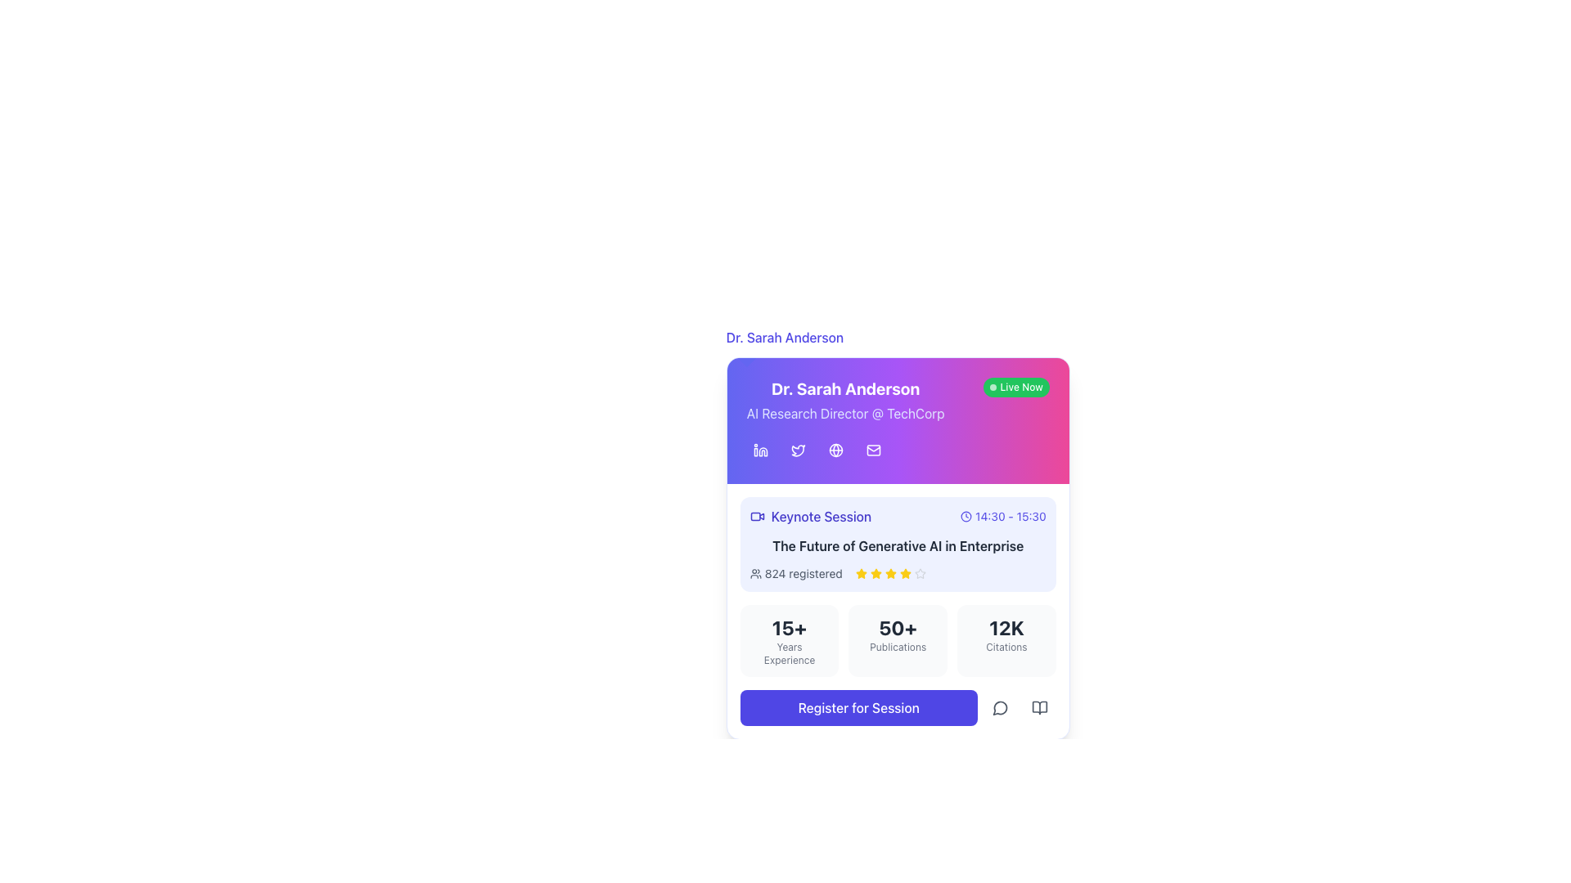  Describe the element at coordinates (904, 573) in the screenshot. I see `the fifth filled yellow star icon in the row of six stars for visual feedback` at that location.